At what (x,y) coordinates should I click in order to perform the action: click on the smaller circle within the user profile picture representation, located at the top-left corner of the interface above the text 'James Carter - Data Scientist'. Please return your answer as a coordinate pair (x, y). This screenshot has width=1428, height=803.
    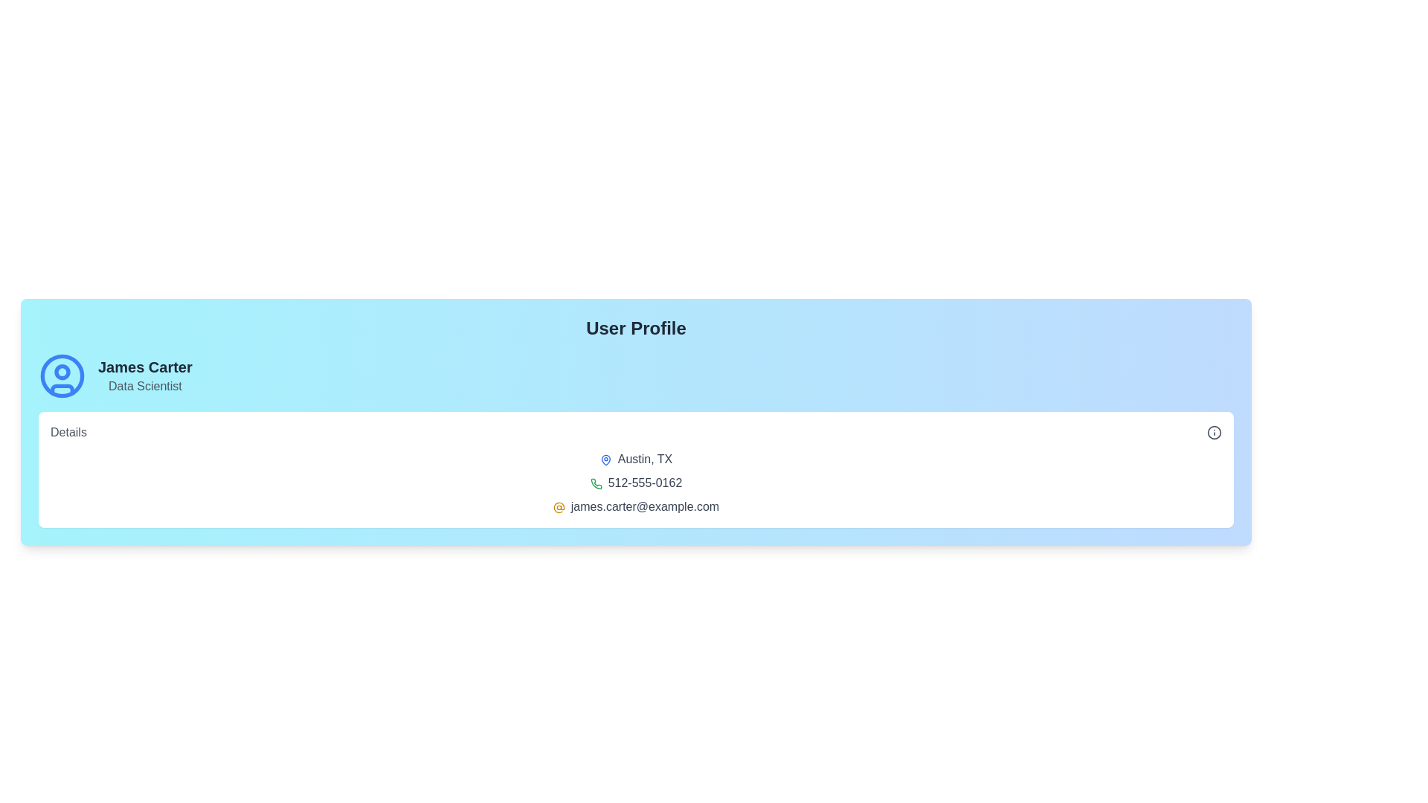
    Looking at the image, I should click on (61, 371).